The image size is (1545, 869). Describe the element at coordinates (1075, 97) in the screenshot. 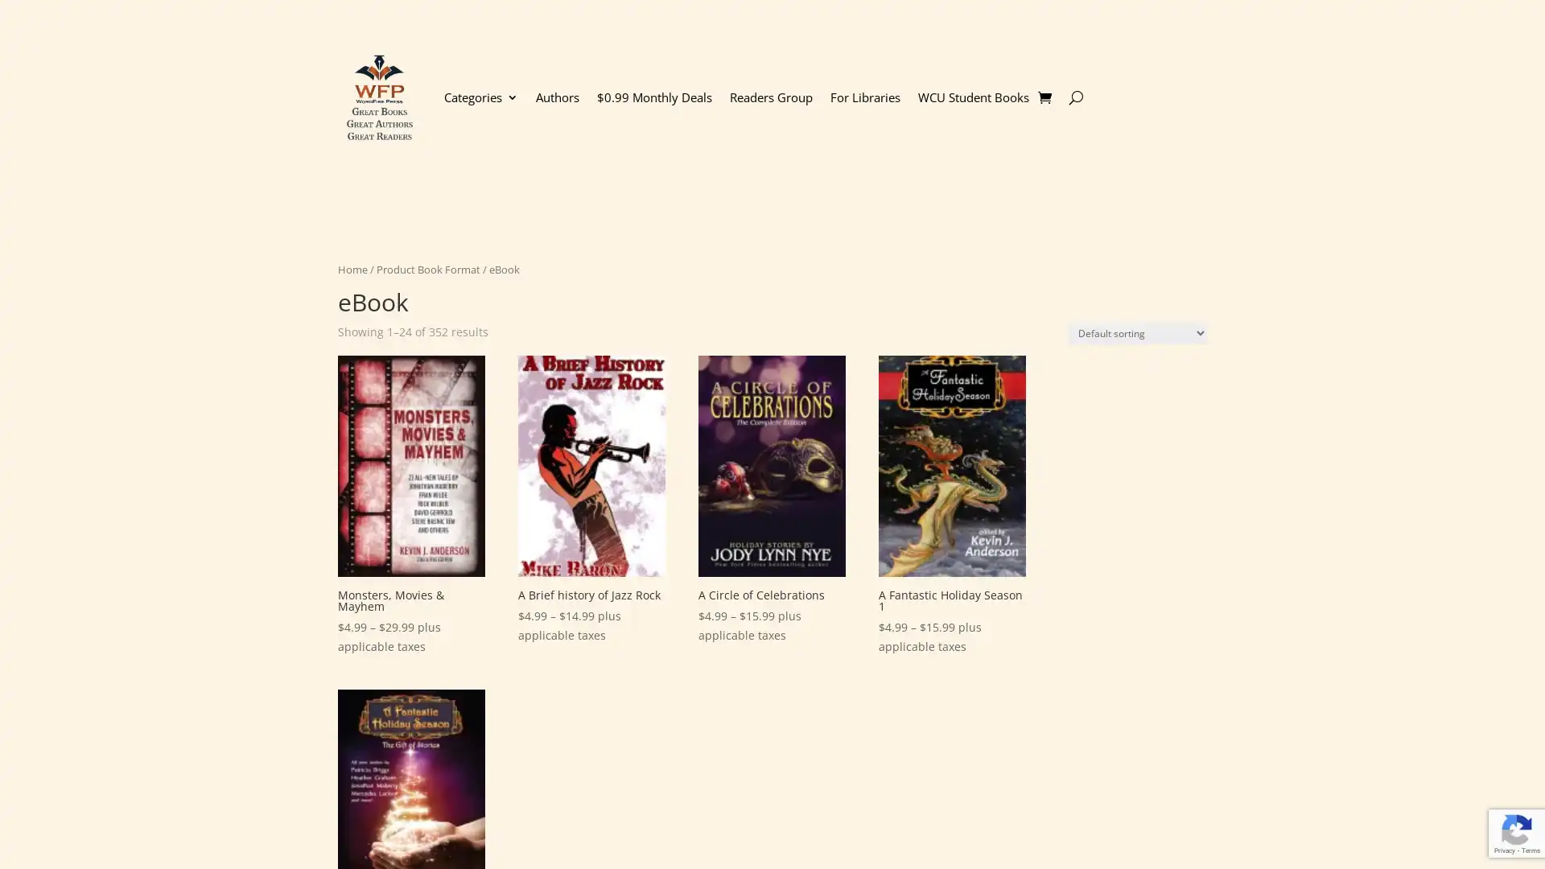

I see `U` at that location.